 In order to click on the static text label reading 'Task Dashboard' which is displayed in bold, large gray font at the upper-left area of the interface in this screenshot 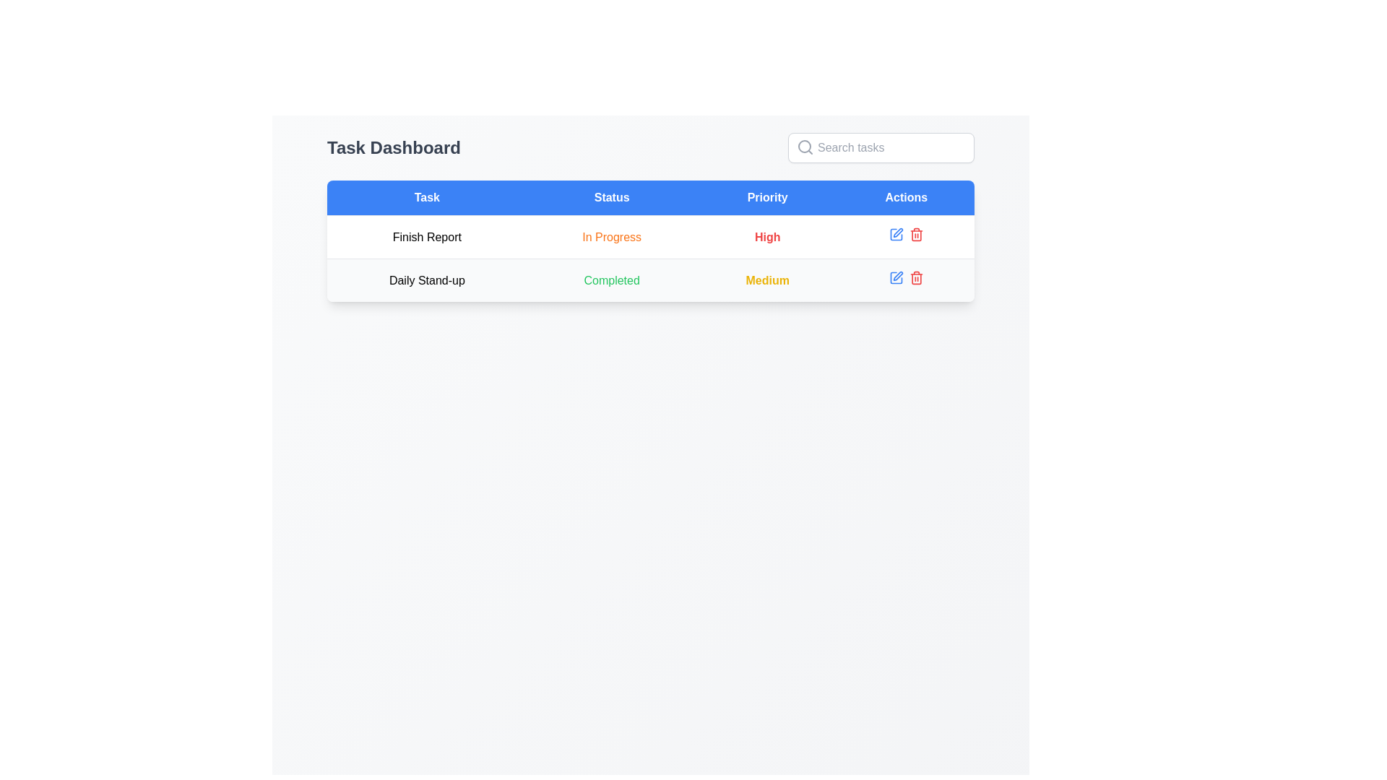, I will do `click(394, 147)`.